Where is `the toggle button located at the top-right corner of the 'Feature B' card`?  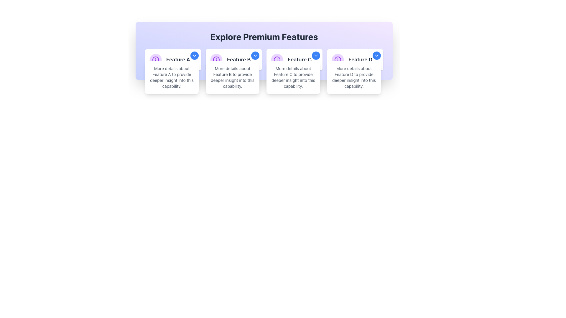
the toggle button located at the top-right corner of the 'Feature B' card is located at coordinates (255, 56).